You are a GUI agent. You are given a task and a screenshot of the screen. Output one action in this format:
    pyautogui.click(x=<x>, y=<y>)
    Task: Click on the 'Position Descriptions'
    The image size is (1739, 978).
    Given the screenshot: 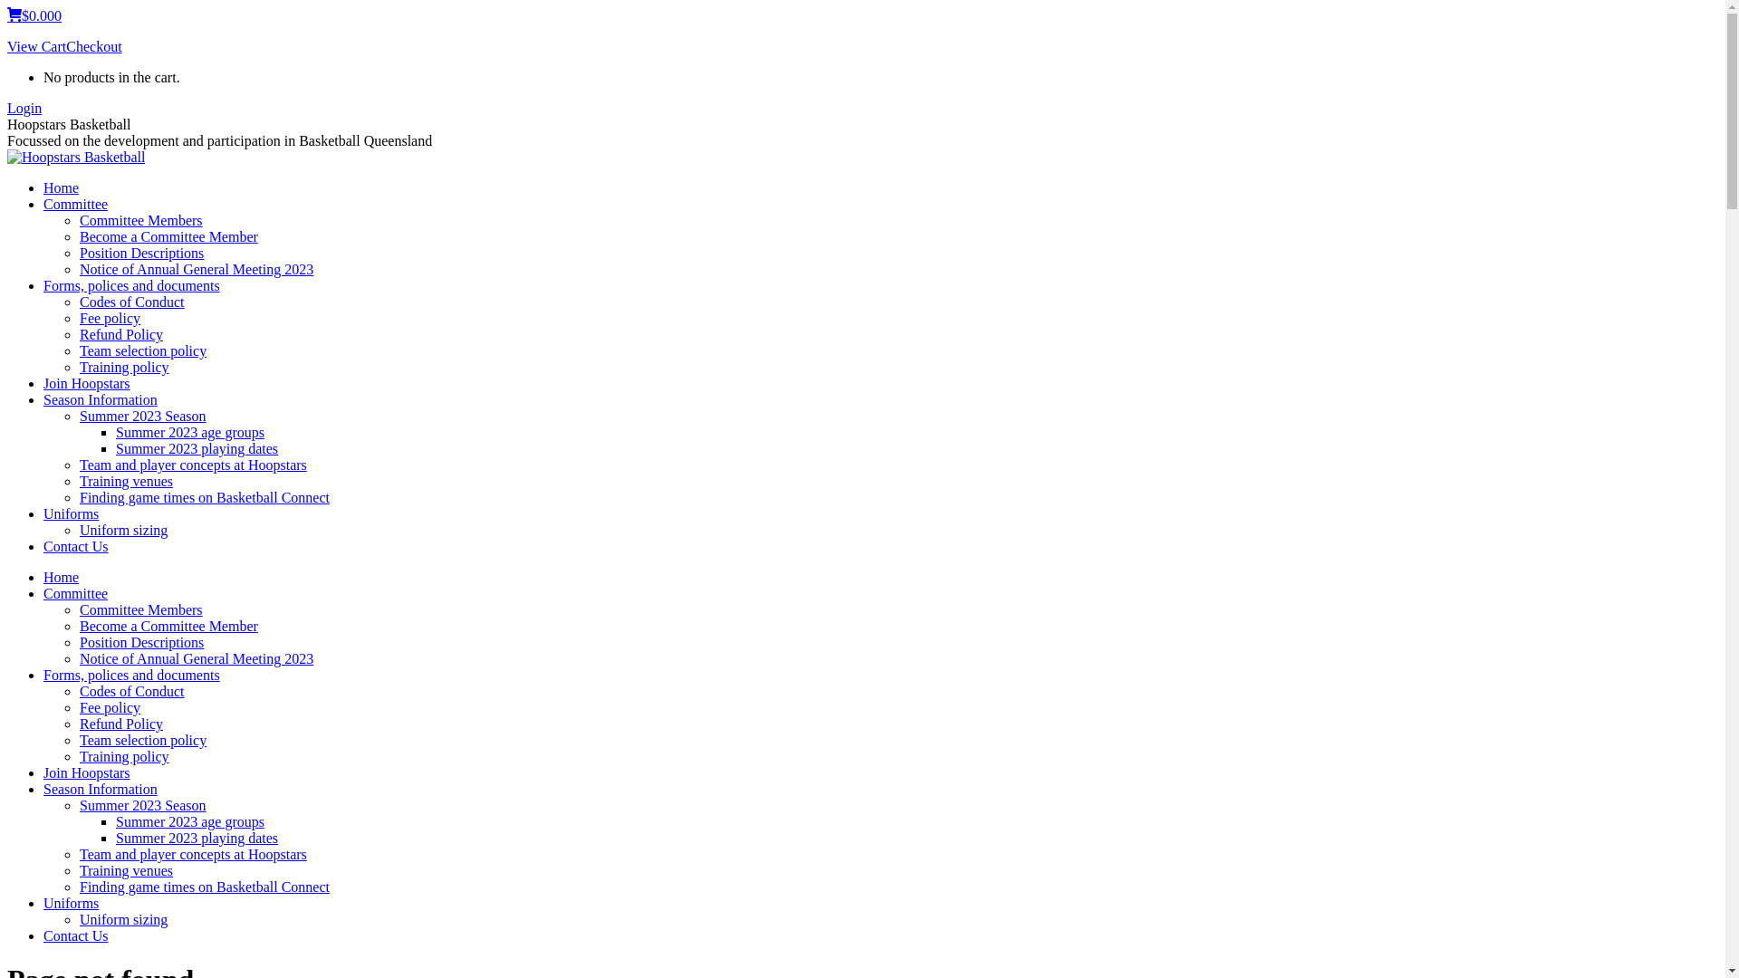 What is the action you would take?
    pyautogui.click(x=78, y=641)
    